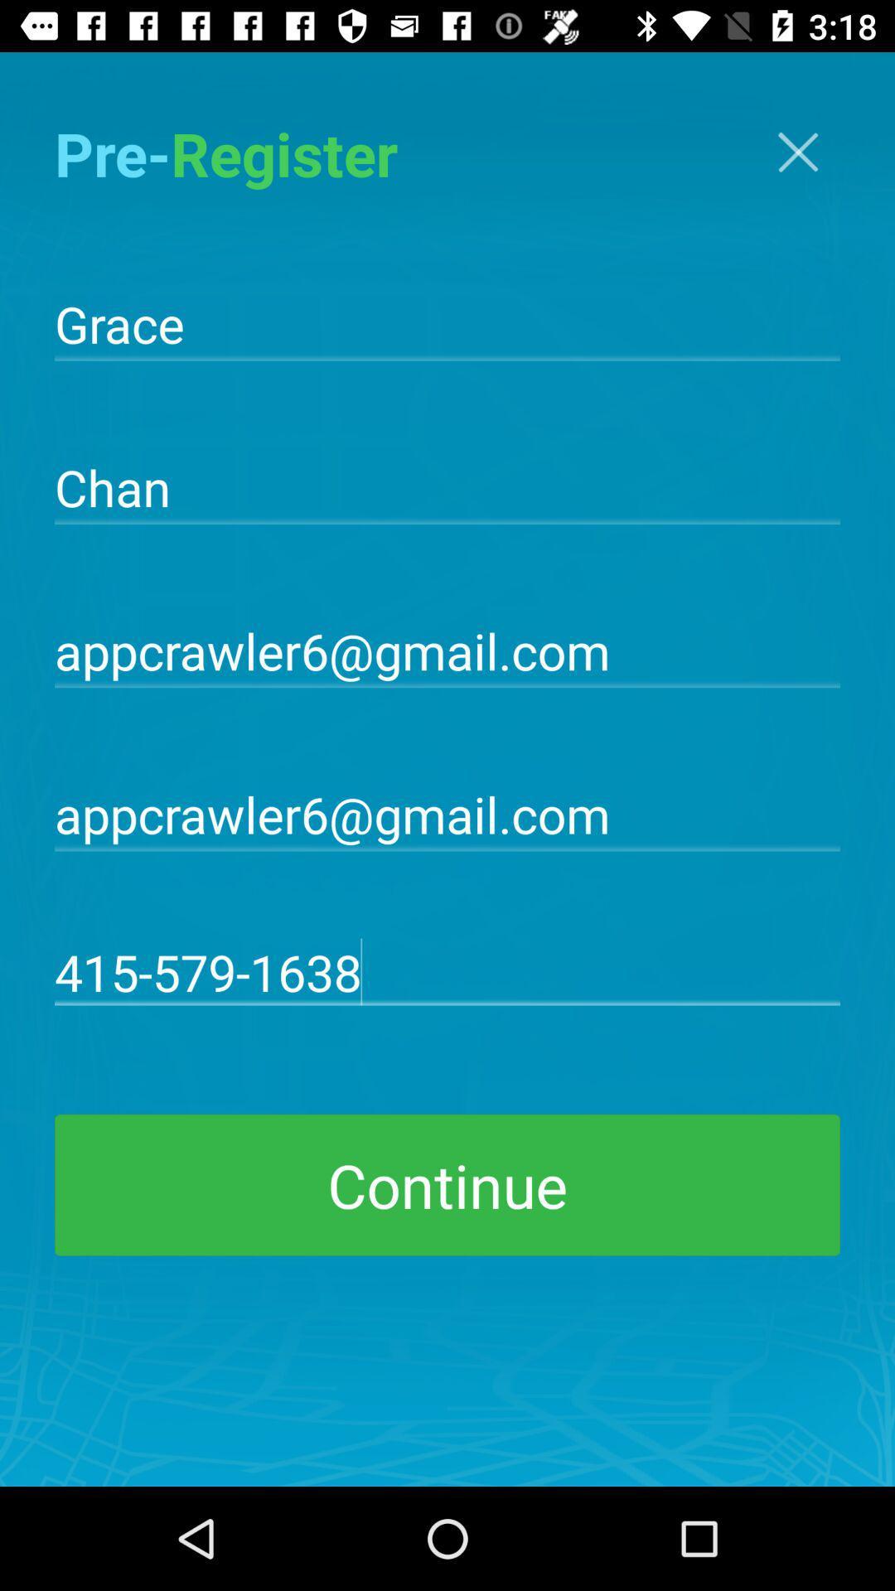 Image resolution: width=895 pixels, height=1591 pixels. Describe the element at coordinates (797, 152) in the screenshot. I see `go back` at that location.